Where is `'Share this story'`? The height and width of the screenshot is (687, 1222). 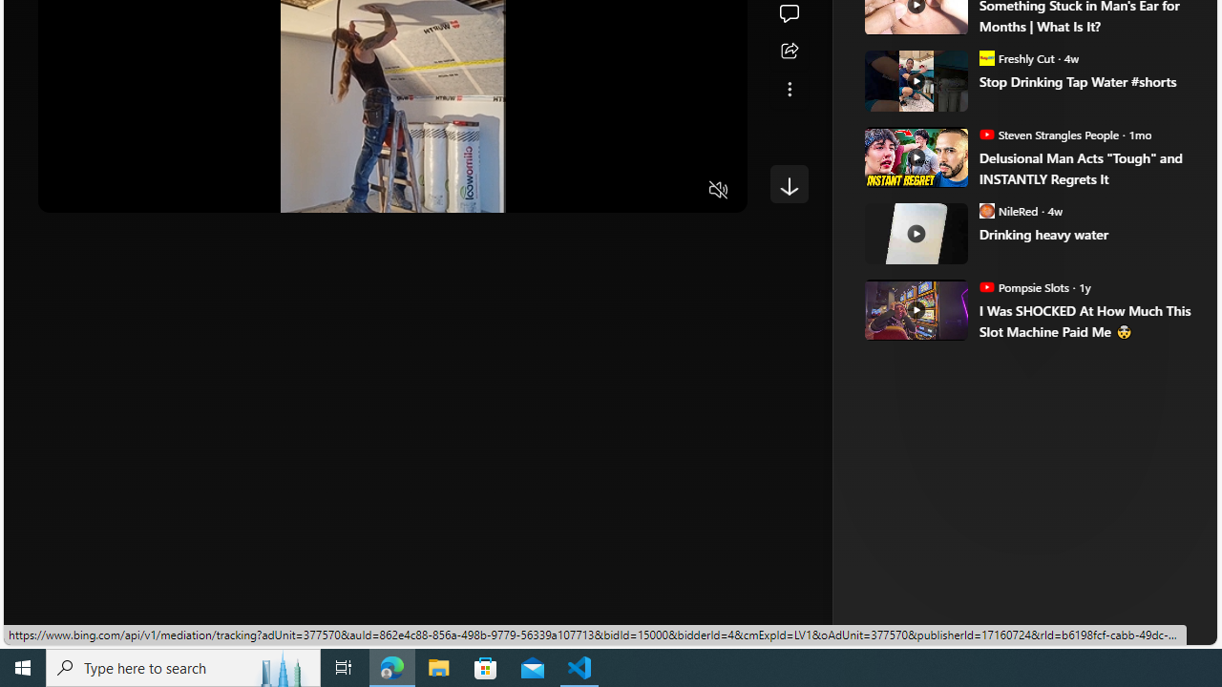 'Share this story' is located at coordinates (789, 51).